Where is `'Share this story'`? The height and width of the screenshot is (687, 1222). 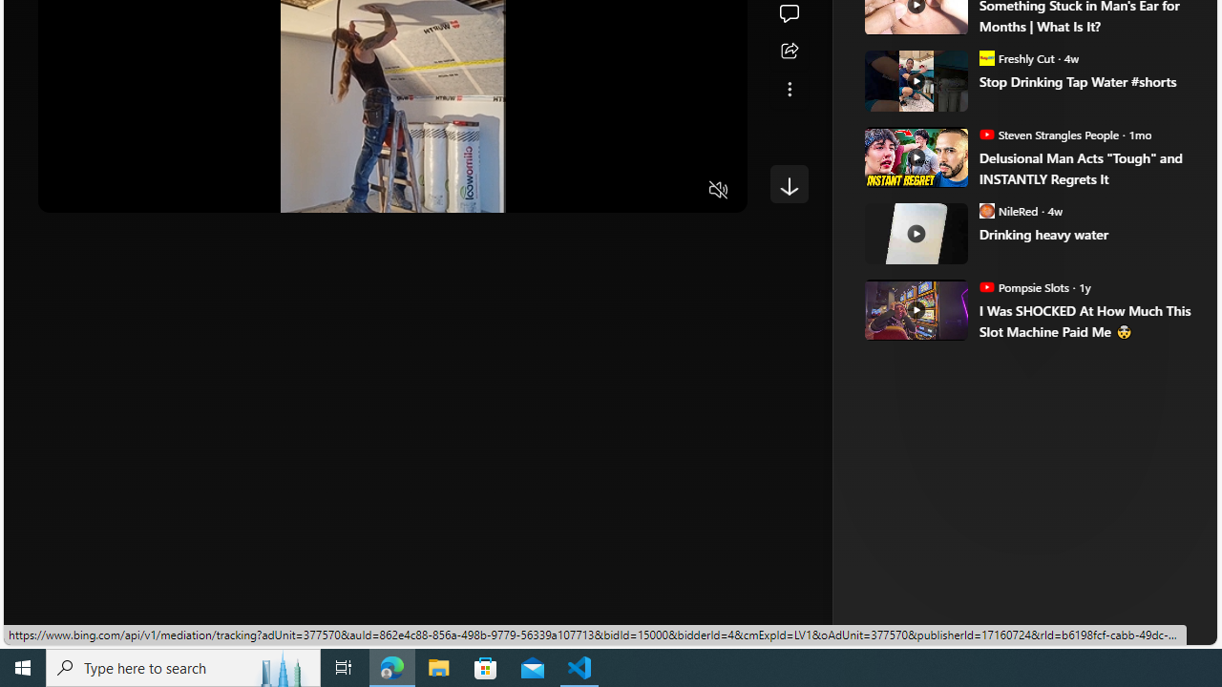 'Share this story' is located at coordinates (789, 51).